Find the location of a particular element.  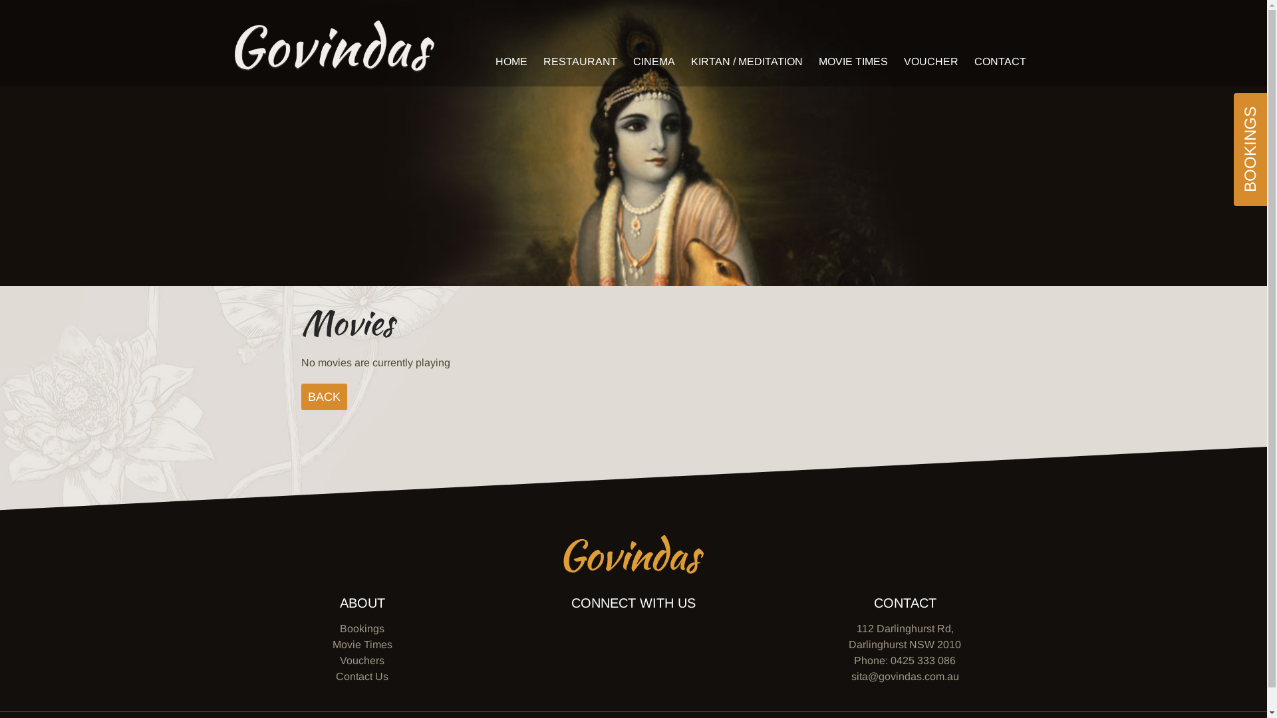

'MOVIE TIMES' is located at coordinates (852, 61).